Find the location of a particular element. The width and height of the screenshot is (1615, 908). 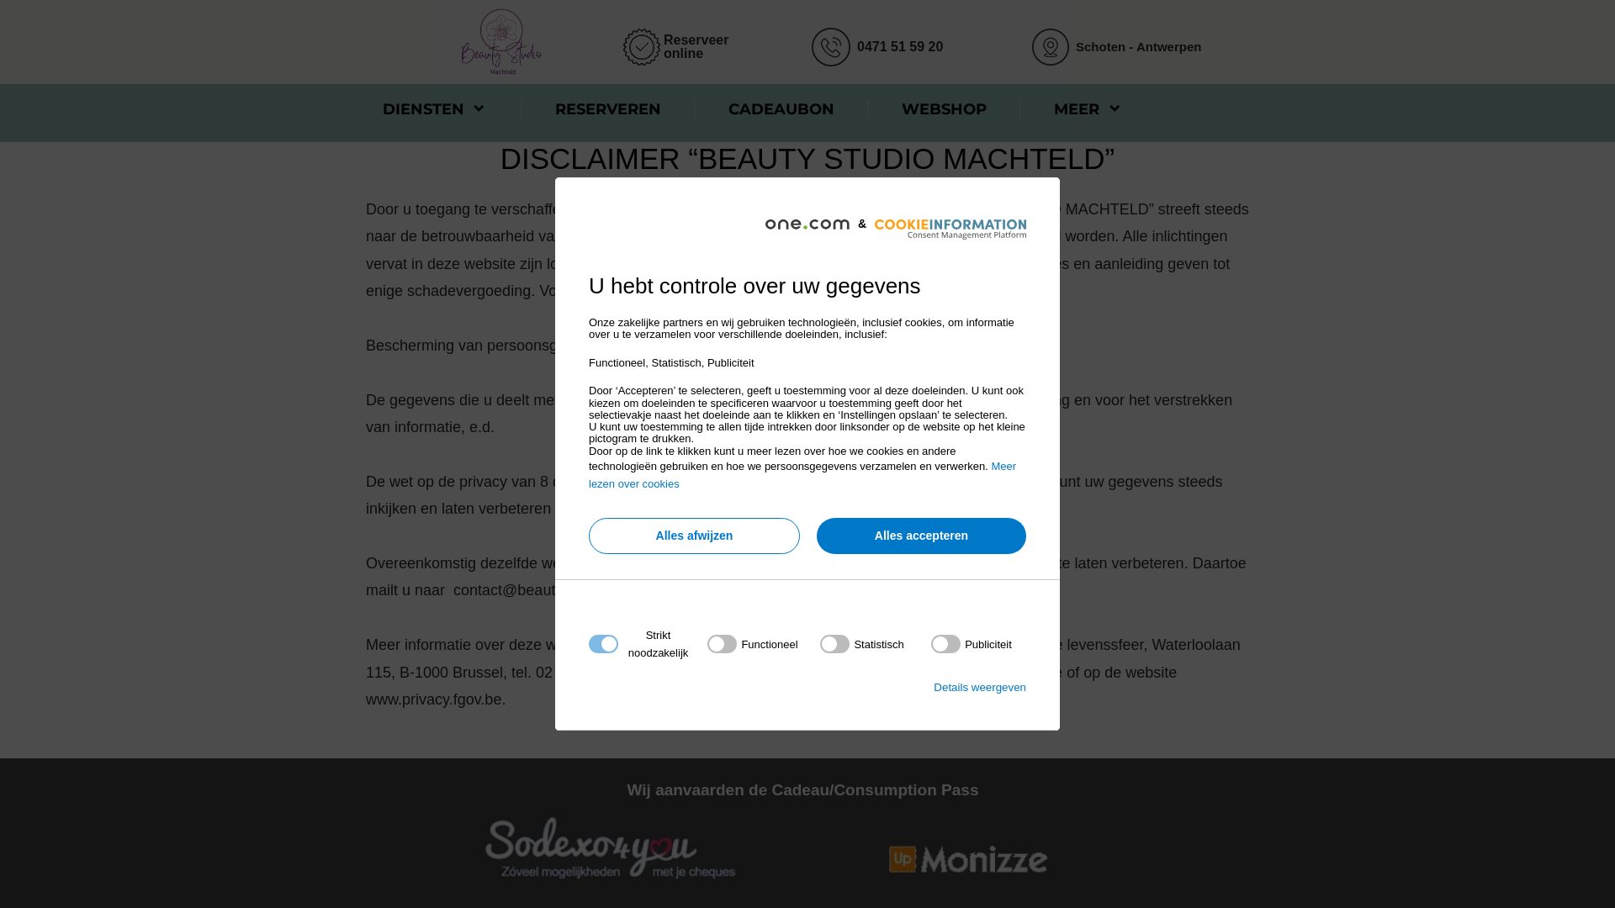

'Schoten - Antwerpen' is located at coordinates (1138, 45).